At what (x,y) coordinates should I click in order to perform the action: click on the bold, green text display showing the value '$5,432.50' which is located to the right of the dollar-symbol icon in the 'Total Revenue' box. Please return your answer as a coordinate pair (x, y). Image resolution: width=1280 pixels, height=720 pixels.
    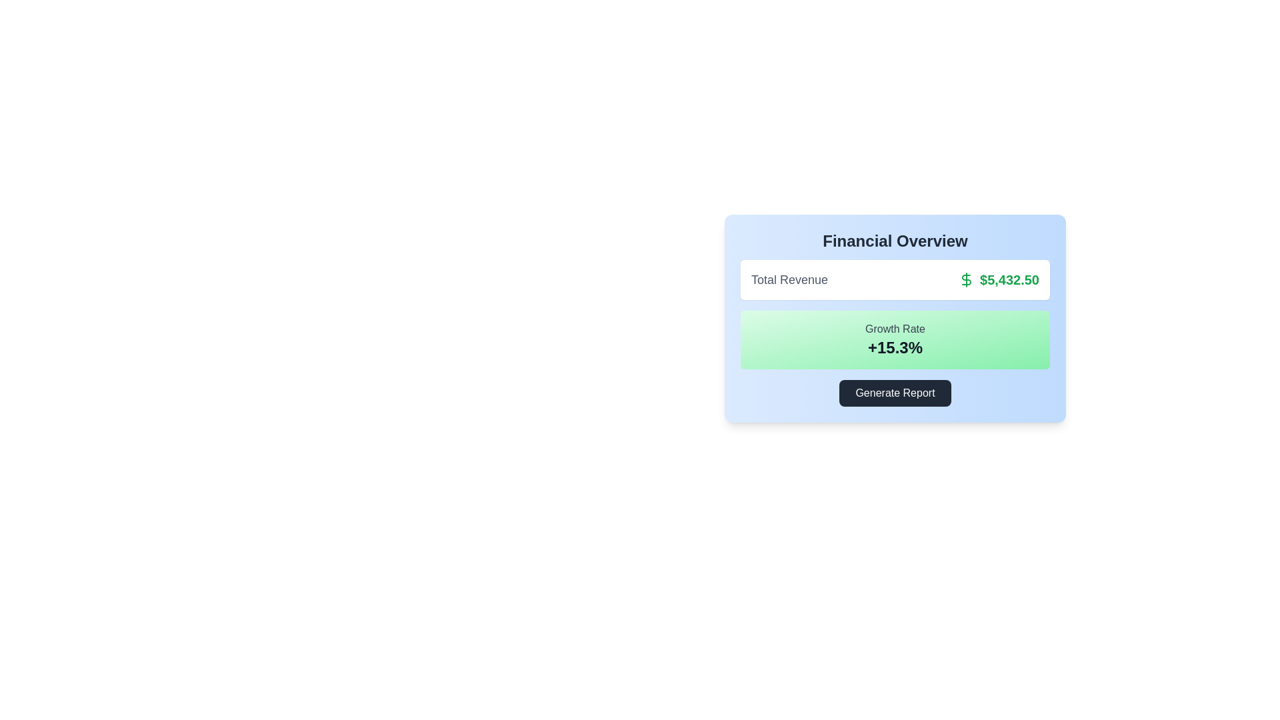
    Looking at the image, I should click on (999, 279).